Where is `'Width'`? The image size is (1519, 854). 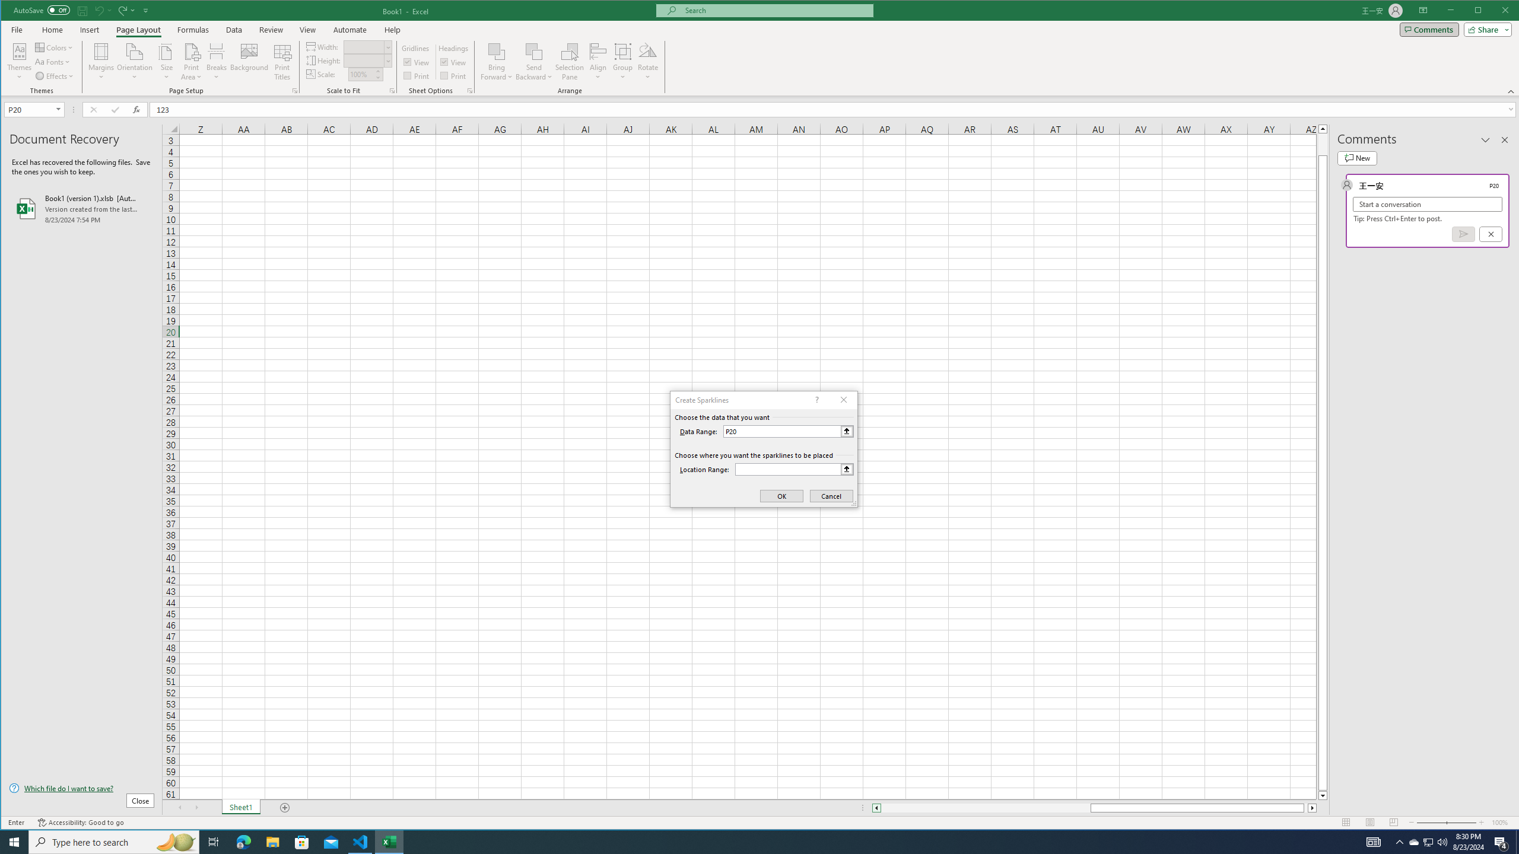 'Width' is located at coordinates (364, 46).